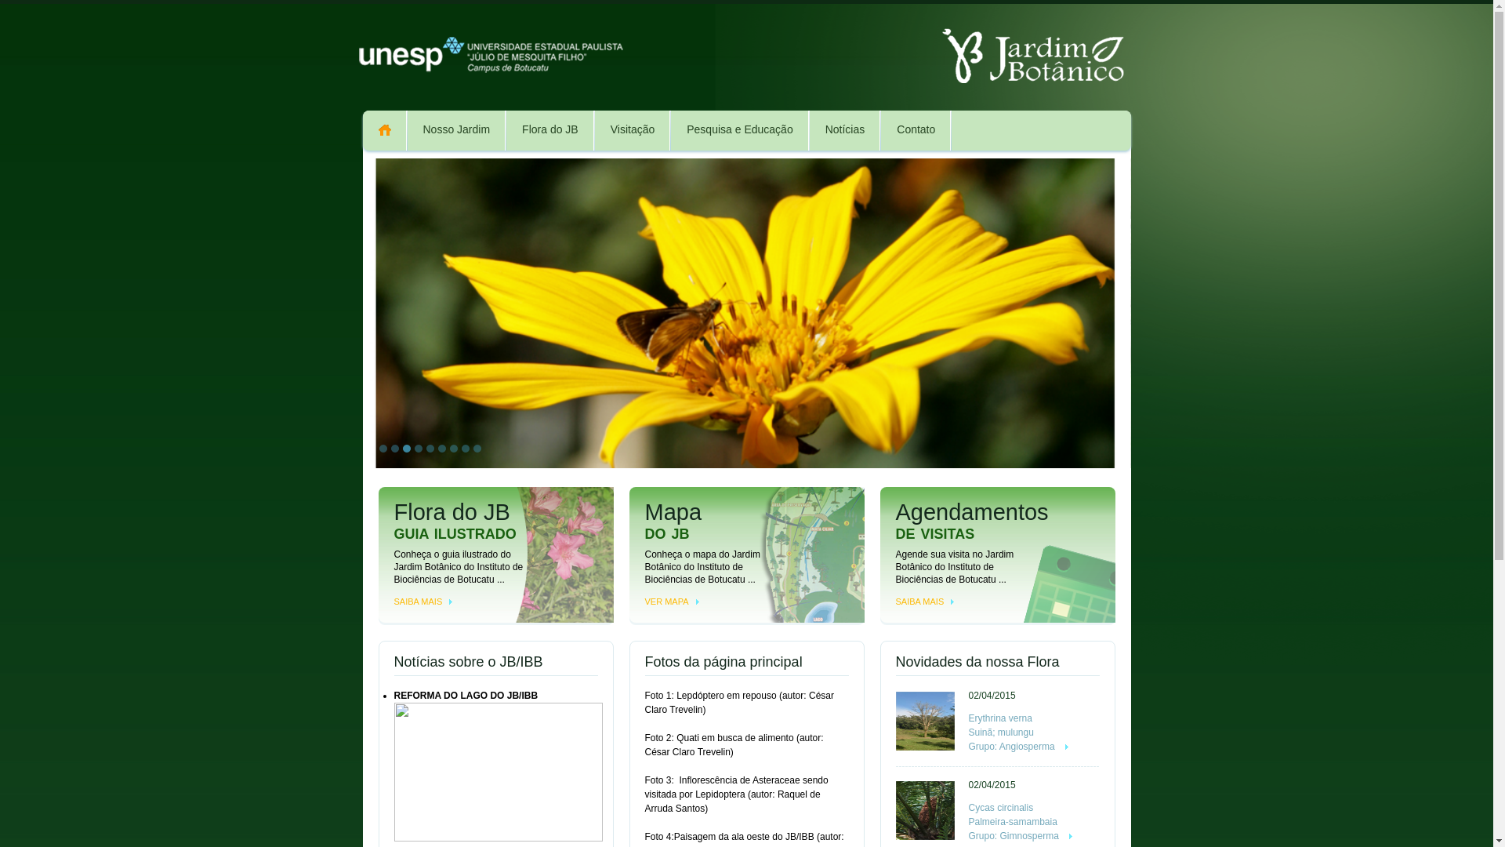 This screenshot has width=1505, height=847. What do you see at coordinates (924, 601) in the screenshot?
I see `'SAIBA MAIS'` at bounding box center [924, 601].